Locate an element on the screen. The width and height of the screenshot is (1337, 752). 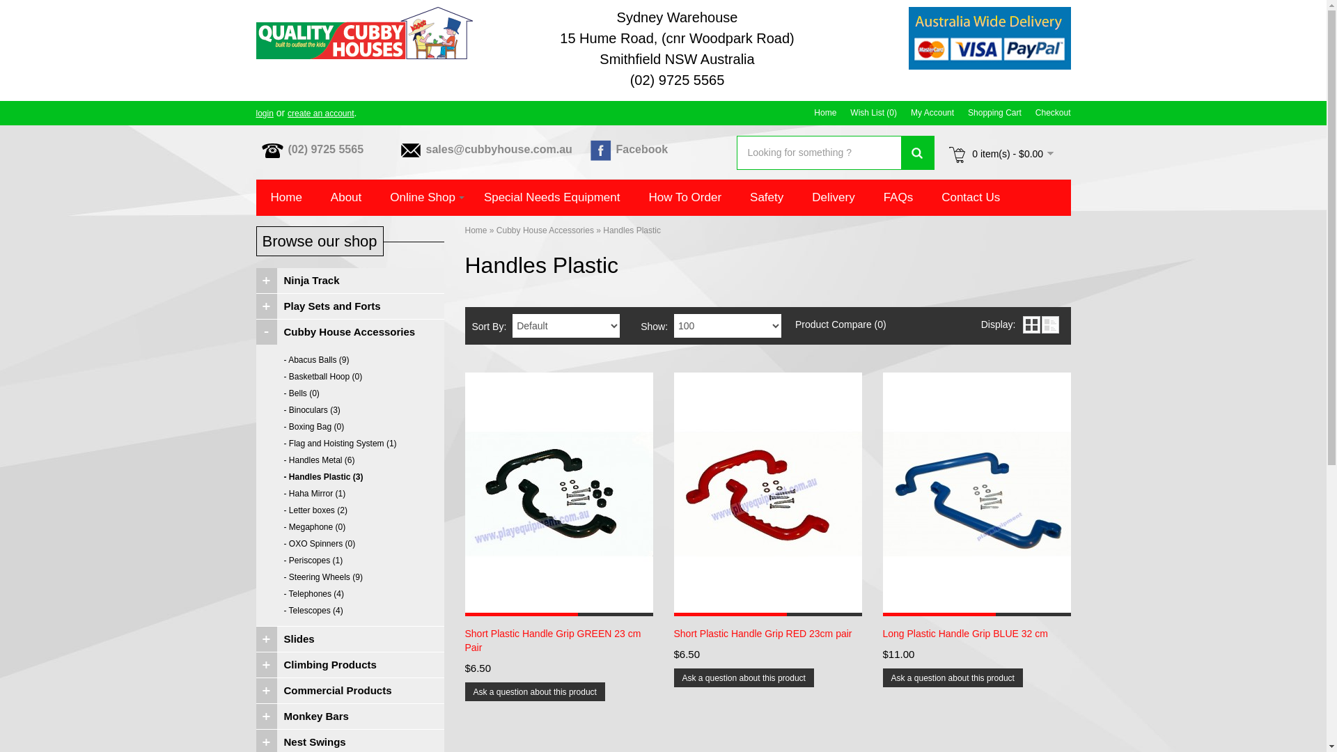
'List' is located at coordinates (1050, 324).